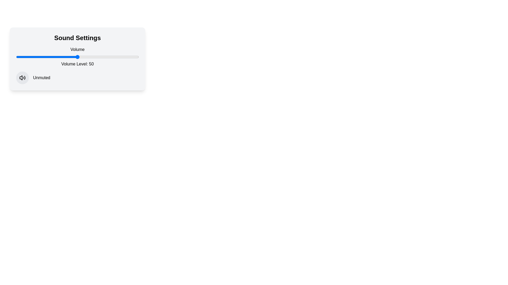  I want to click on the volume, so click(102, 57).